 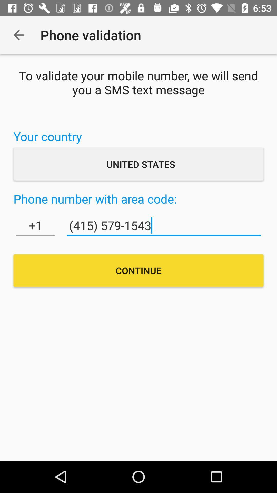 What do you see at coordinates (18, 35) in the screenshot?
I see `app to the left of phone validation app` at bounding box center [18, 35].